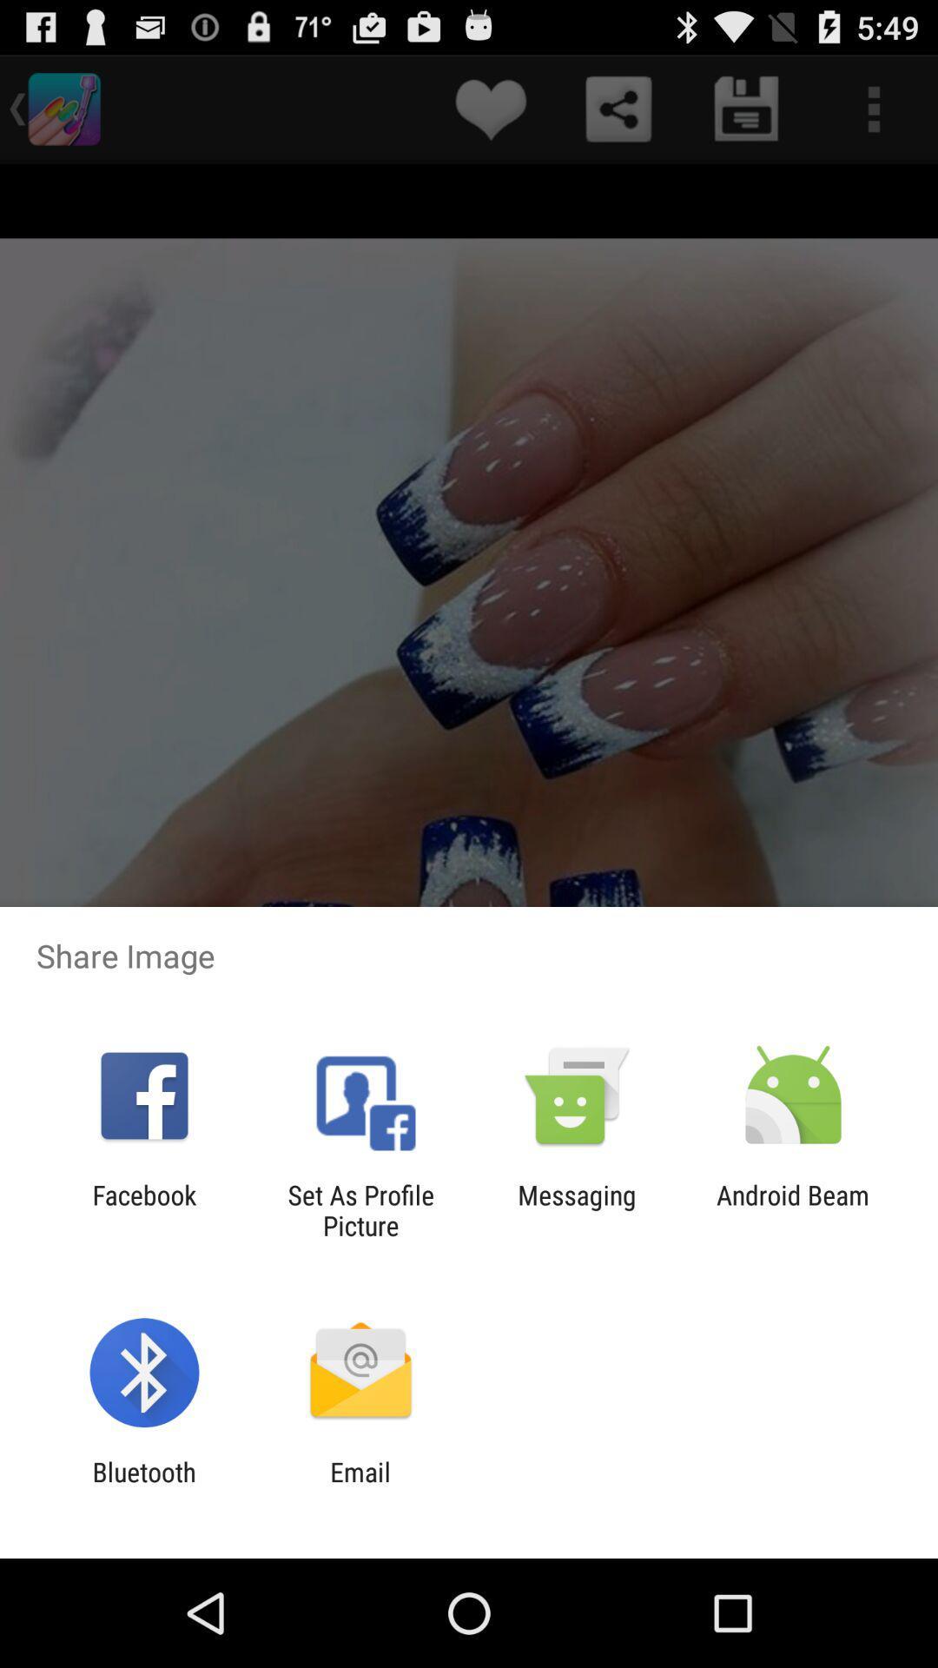 This screenshot has width=938, height=1668. I want to click on icon to the right of the facebook, so click(360, 1209).